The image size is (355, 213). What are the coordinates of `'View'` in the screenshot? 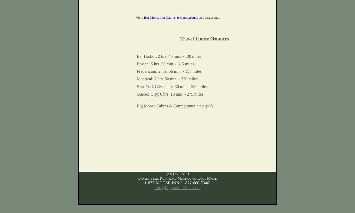 It's located at (139, 17).